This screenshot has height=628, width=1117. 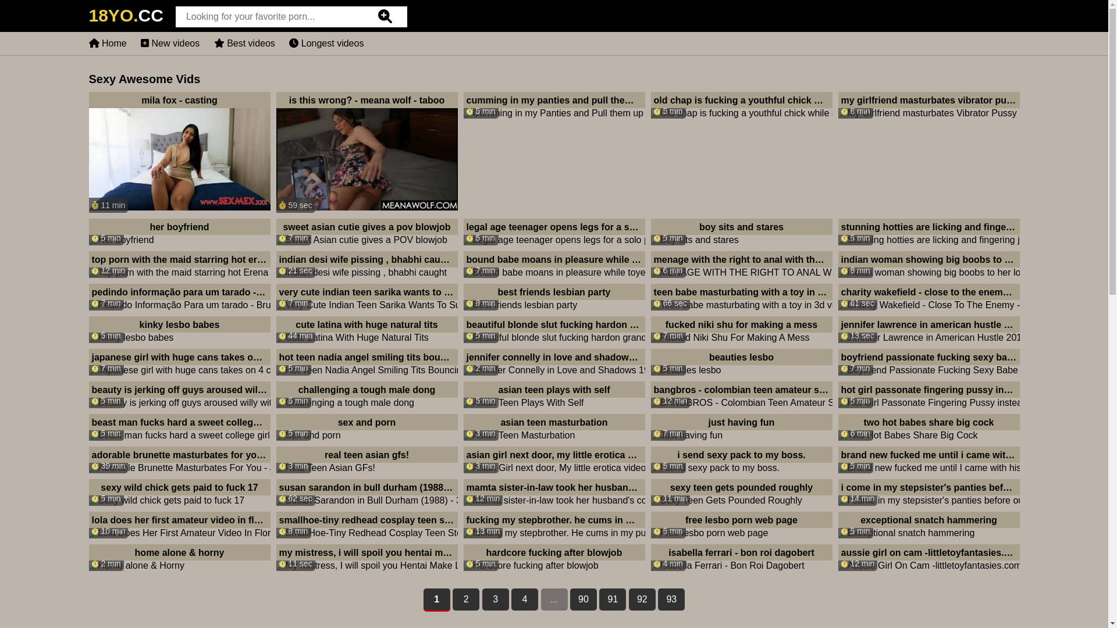 What do you see at coordinates (740, 524) in the screenshot?
I see `'5 min` at bounding box center [740, 524].